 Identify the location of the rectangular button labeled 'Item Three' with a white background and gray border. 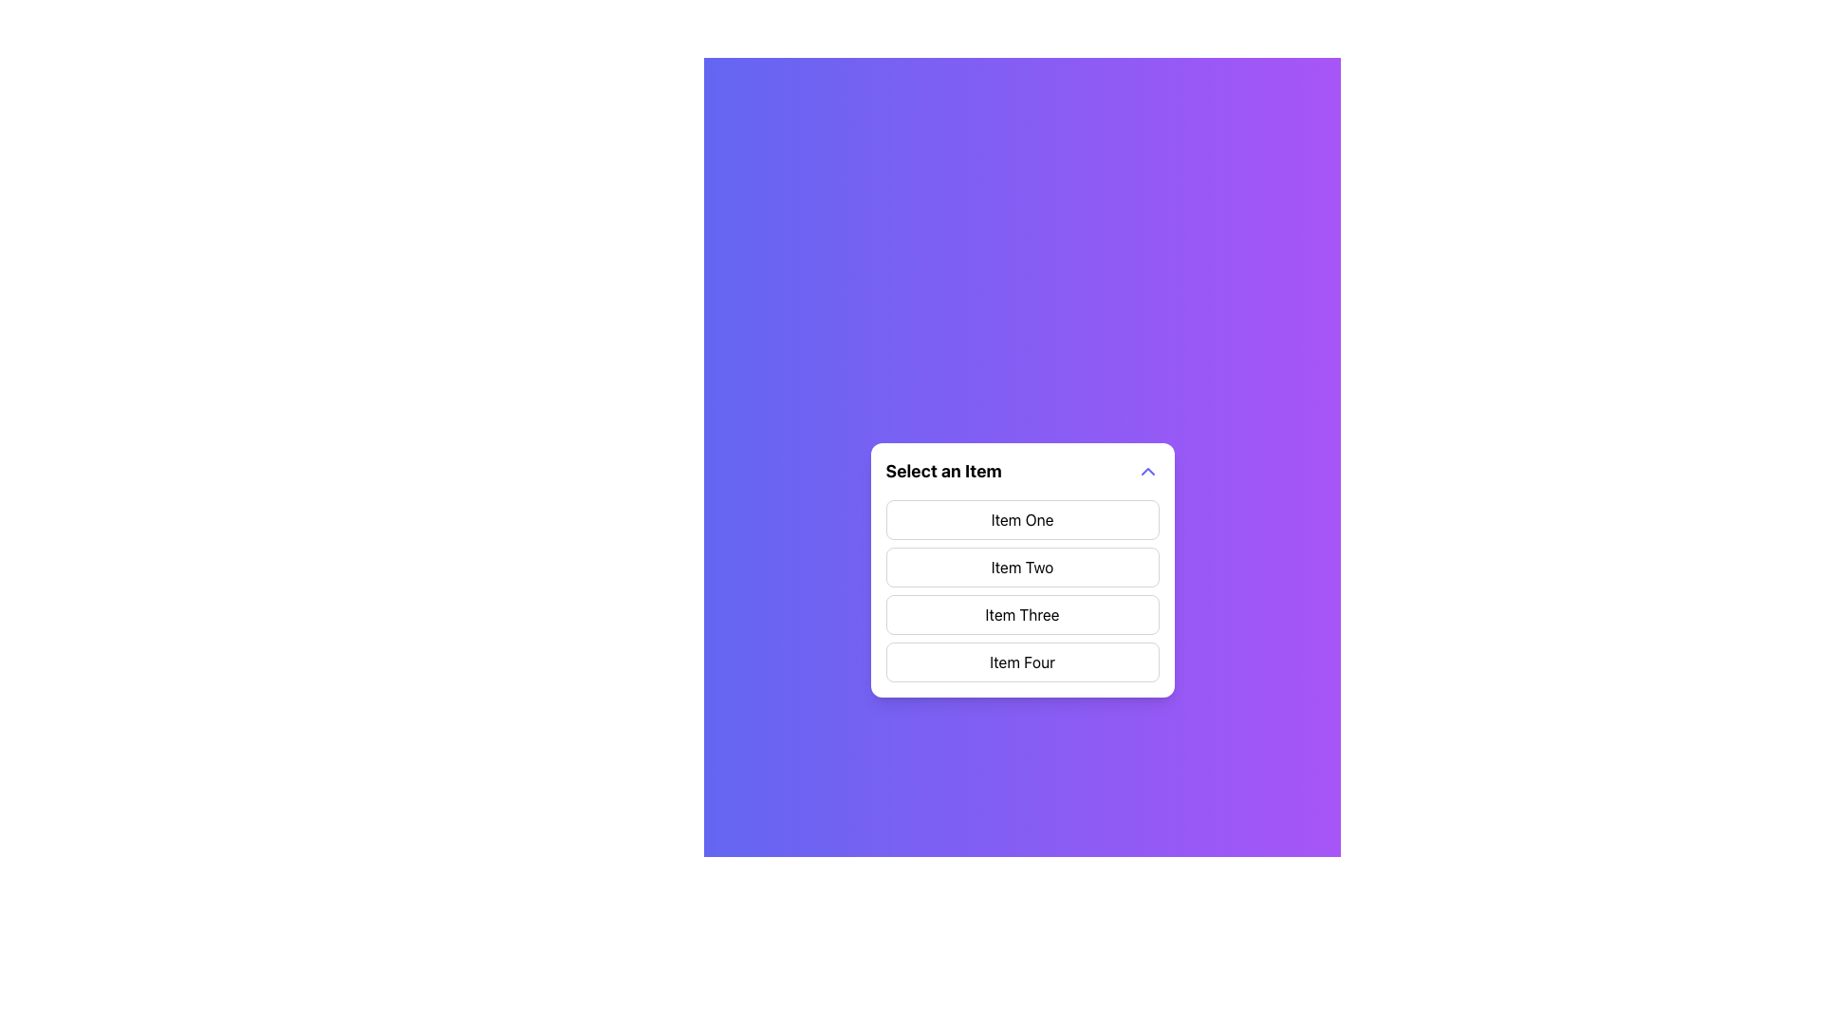
(1021, 615).